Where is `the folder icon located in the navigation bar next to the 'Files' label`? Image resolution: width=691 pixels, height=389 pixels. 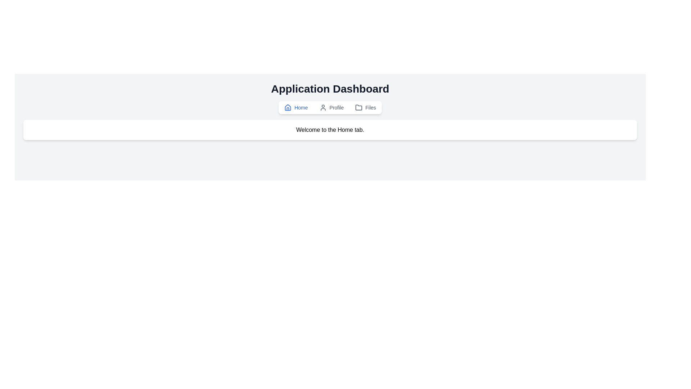 the folder icon located in the navigation bar next to the 'Files' label is located at coordinates (359, 108).